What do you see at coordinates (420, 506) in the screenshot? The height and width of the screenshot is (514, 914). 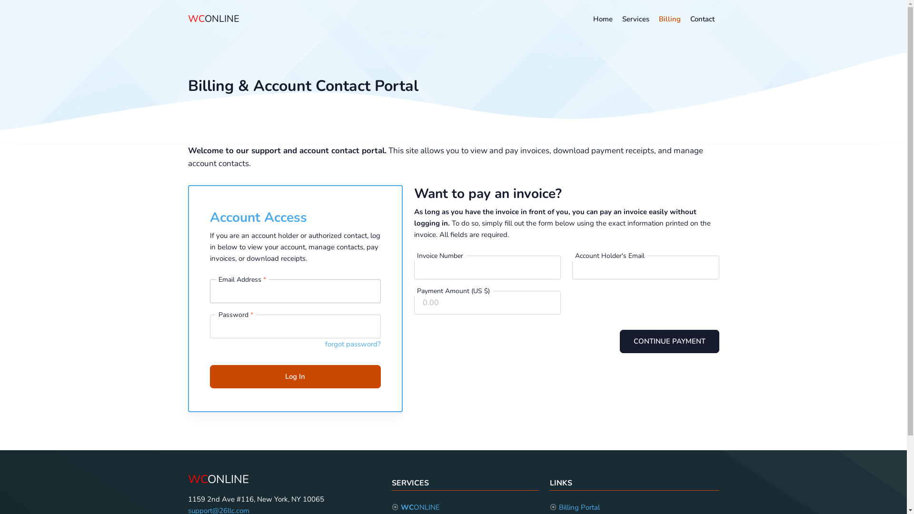 I see `'WCONLINE'` at bounding box center [420, 506].